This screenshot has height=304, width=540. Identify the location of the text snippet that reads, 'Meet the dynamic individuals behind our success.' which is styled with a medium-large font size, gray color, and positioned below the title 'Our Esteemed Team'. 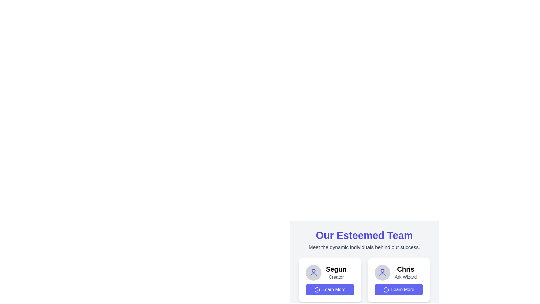
(364, 247).